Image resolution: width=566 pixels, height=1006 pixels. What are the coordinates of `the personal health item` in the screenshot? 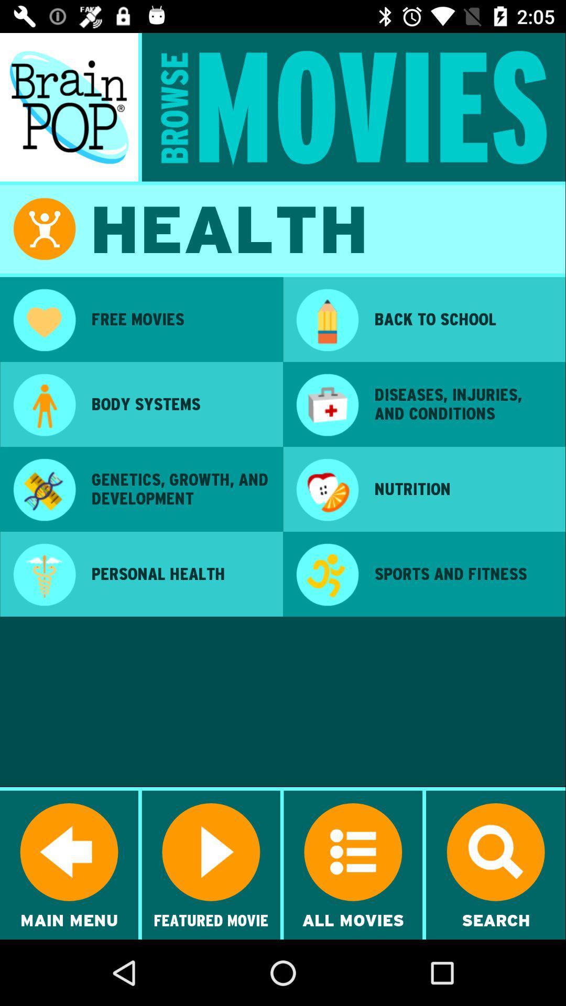 It's located at (179, 573).